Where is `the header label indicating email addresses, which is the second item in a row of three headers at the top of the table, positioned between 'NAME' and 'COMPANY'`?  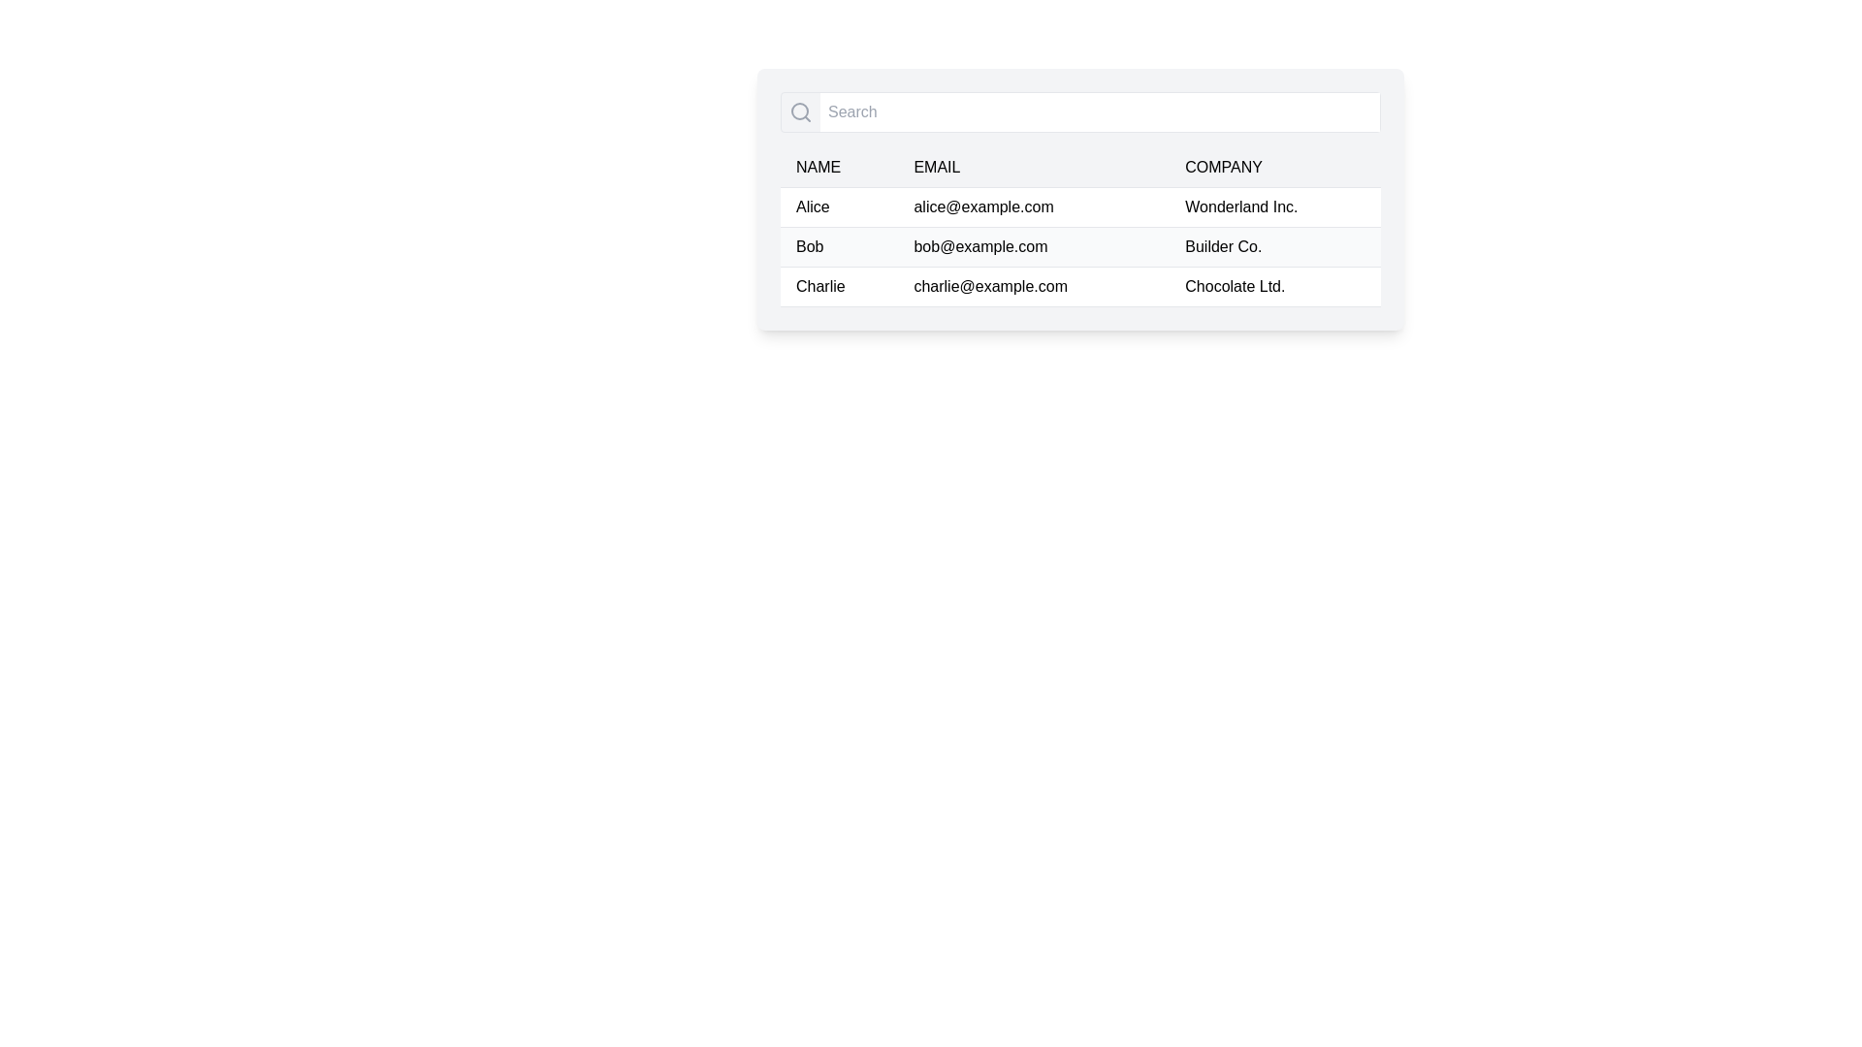 the header label indicating email addresses, which is the second item in a row of three headers at the top of the table, positioned between 'NAME' and 'COMPANY' is located at coordinates (937, 167).